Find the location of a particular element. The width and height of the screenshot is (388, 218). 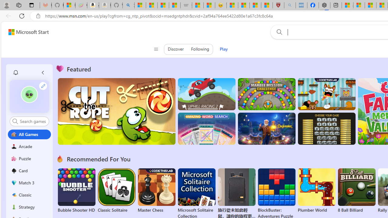

'Marble Mission : Challenge' is located at coordinates (266, 94).